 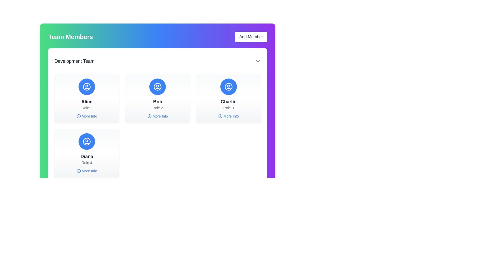 I want to click on the informational icon located in the 'More Info' section under Bob's profile in the Development Team group, so click(x=149, y=116).